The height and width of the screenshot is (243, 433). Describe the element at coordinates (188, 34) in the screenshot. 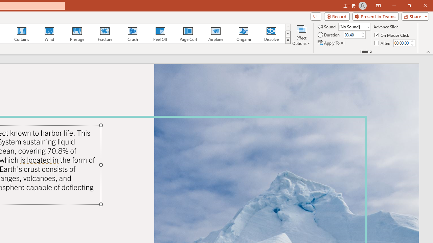

I see `'Page Curl'` at that location.